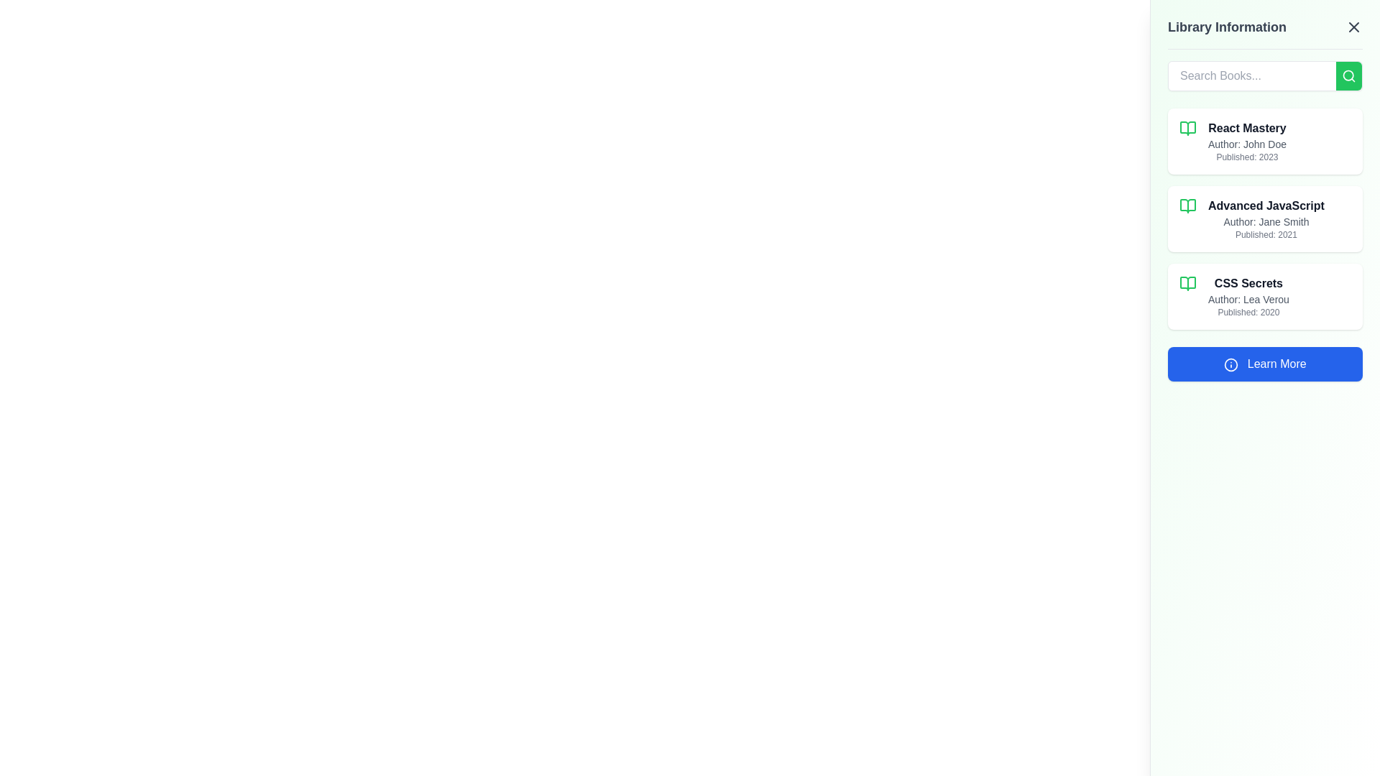 This screenshot has height=776, width=1380. I want to click on the text label located at the top right corner of the interface, which serves as a header or title for the section, so click(1226, 27).